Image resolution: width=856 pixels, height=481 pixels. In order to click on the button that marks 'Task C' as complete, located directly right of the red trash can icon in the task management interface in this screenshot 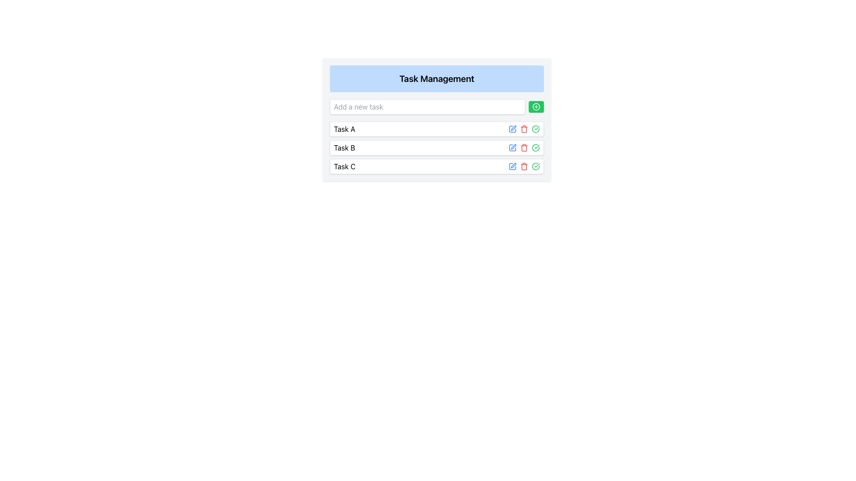, I will do `click(535, 129)`.